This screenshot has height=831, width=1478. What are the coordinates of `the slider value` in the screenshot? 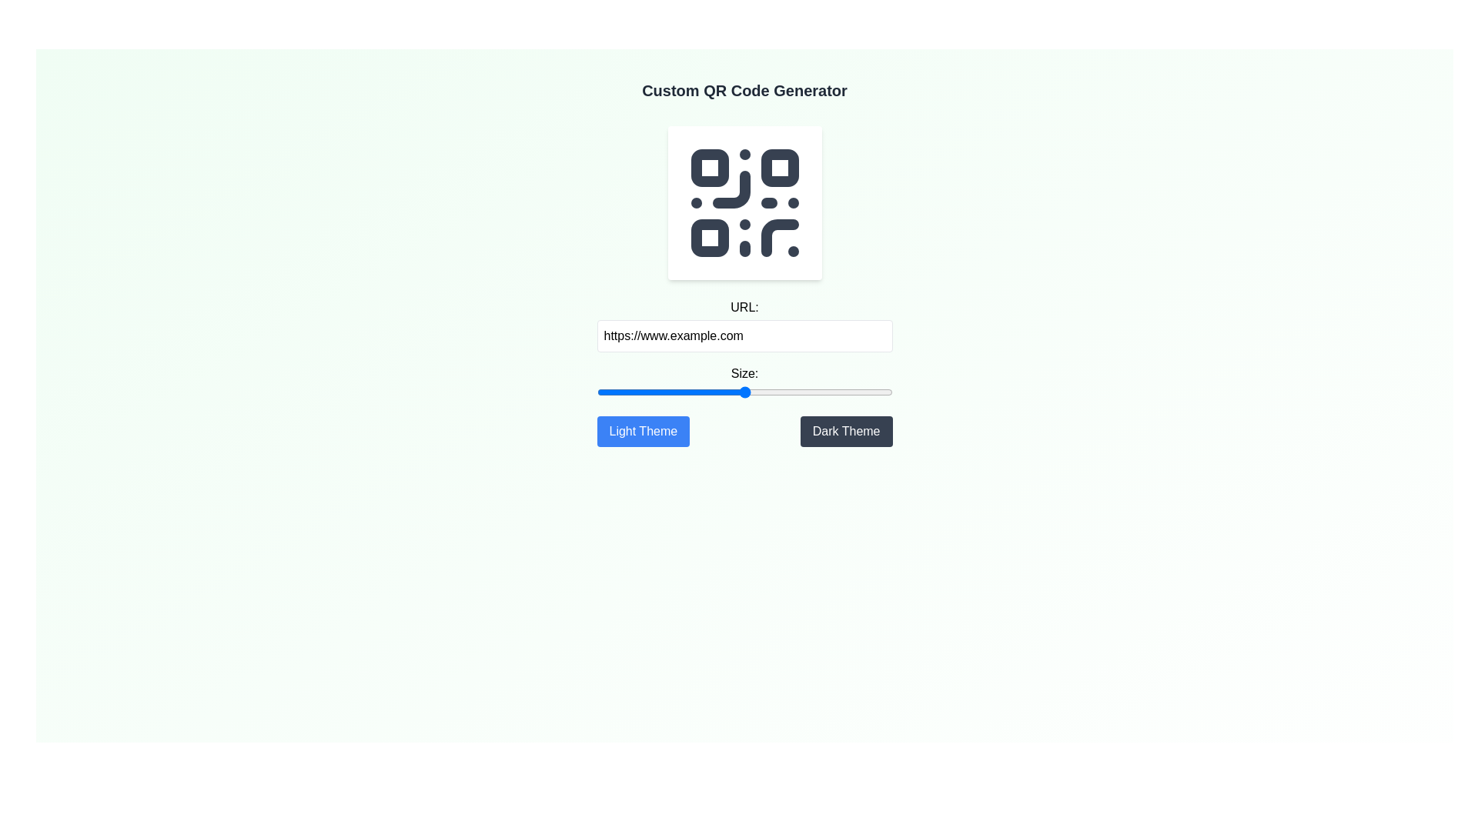 It's located at (724, 391).